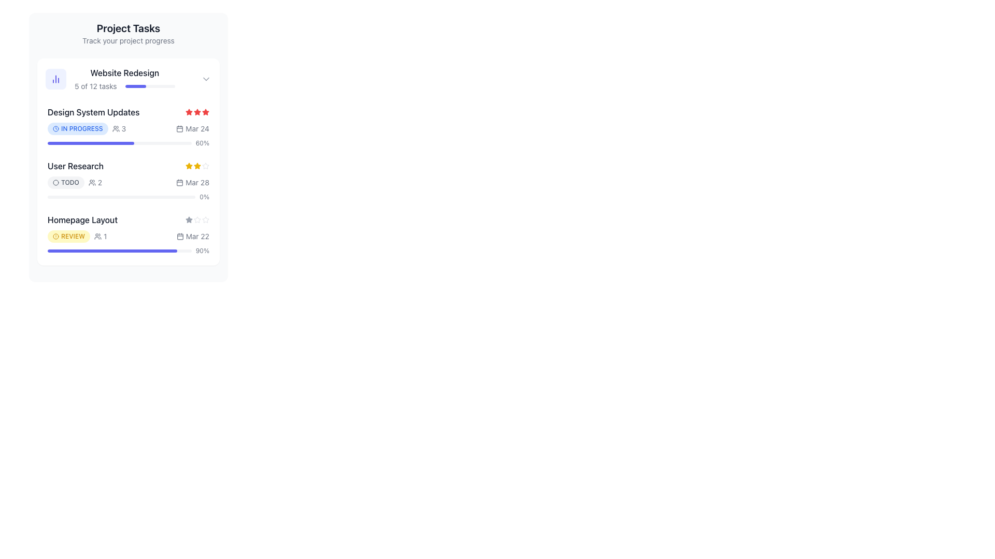 This screenshot has width=995, height=559. I want to click on the yellow-colored filled star icon representing the first star in the rating system, located next to the 'User Research' task row, so click(189, 165).